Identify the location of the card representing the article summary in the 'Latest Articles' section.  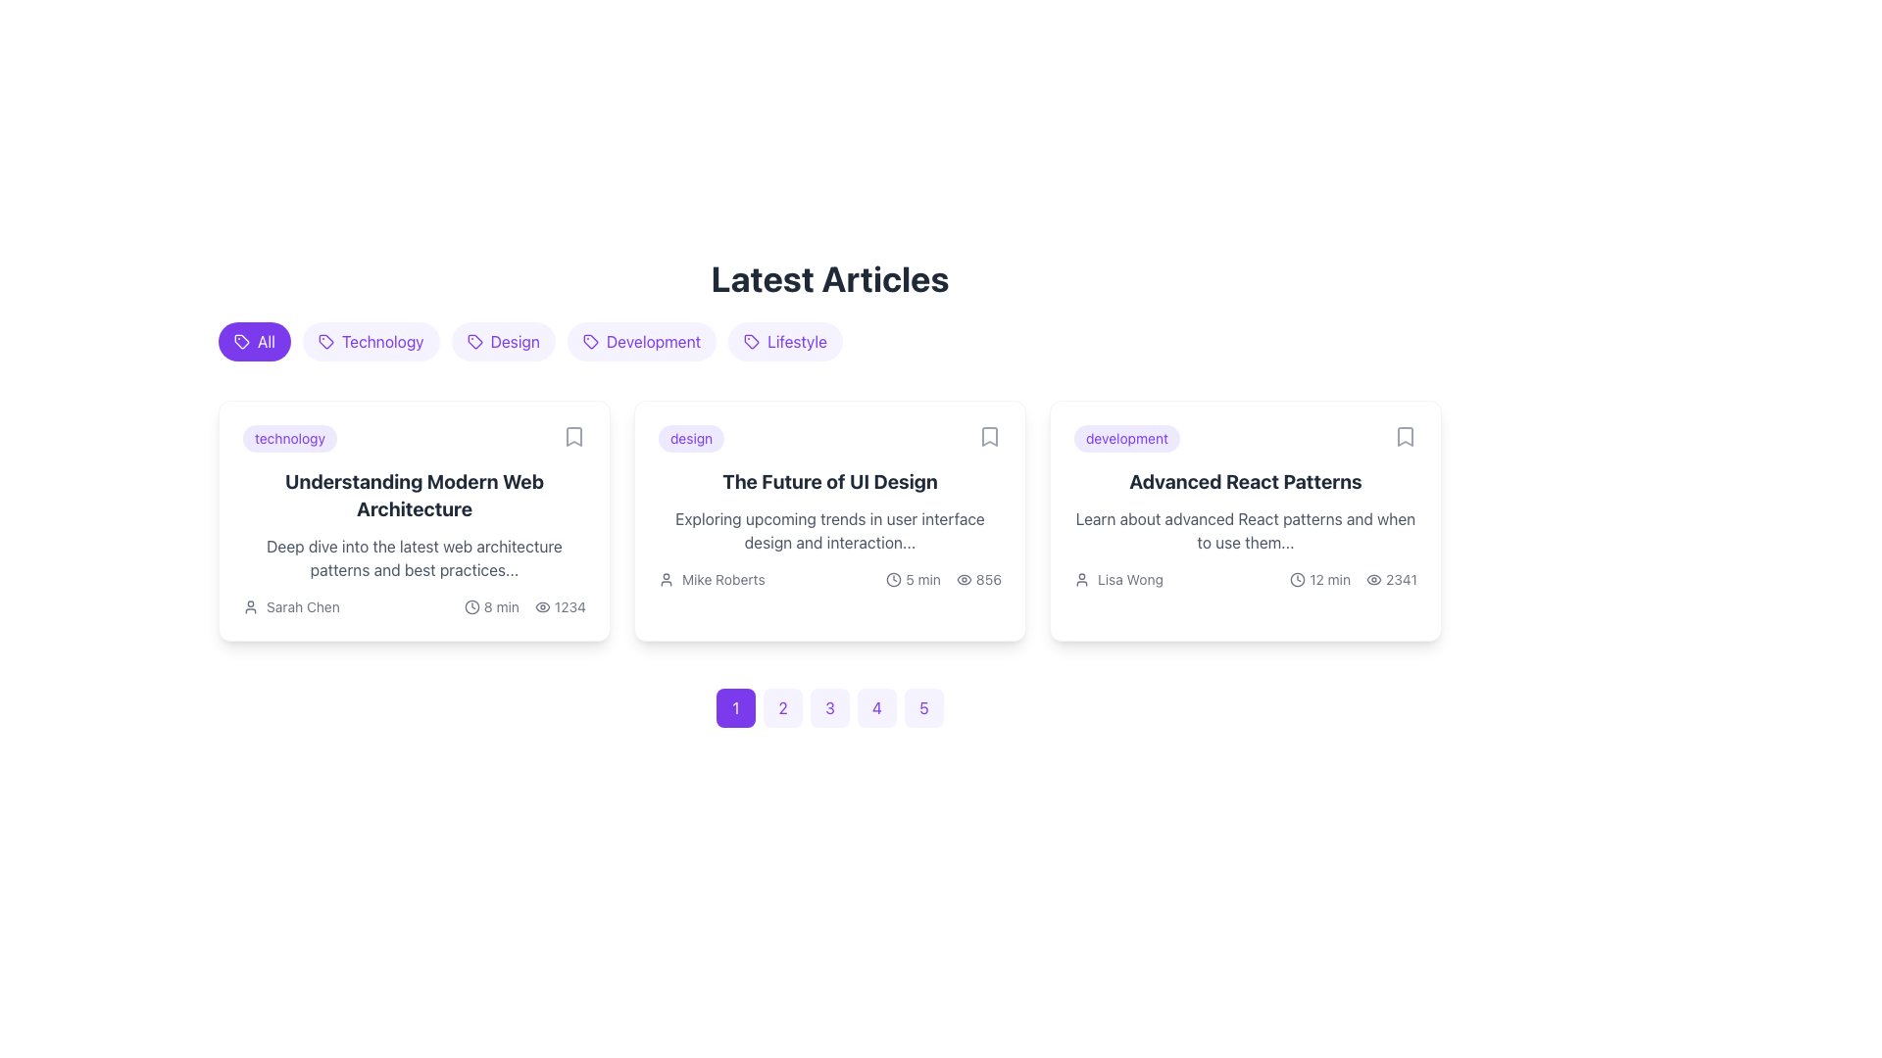
(413, 520).